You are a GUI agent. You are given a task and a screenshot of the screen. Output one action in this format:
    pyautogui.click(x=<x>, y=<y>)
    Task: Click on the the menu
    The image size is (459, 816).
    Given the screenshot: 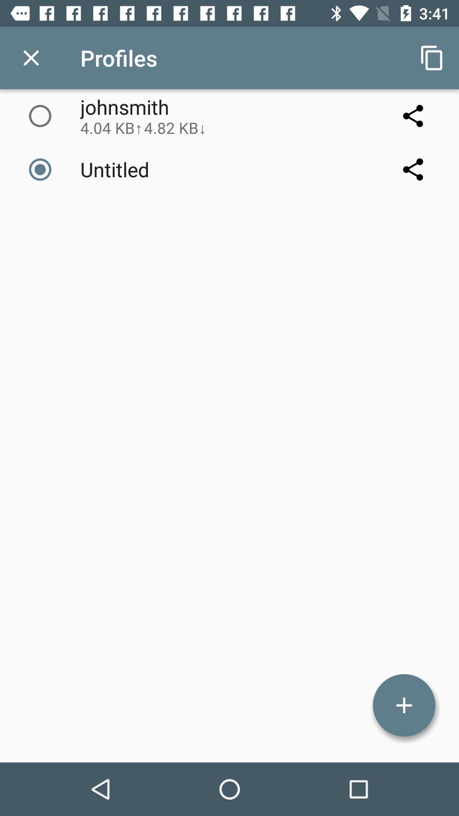 What is the action you would take?
    pyautogui.click(x=31, y=57)
    